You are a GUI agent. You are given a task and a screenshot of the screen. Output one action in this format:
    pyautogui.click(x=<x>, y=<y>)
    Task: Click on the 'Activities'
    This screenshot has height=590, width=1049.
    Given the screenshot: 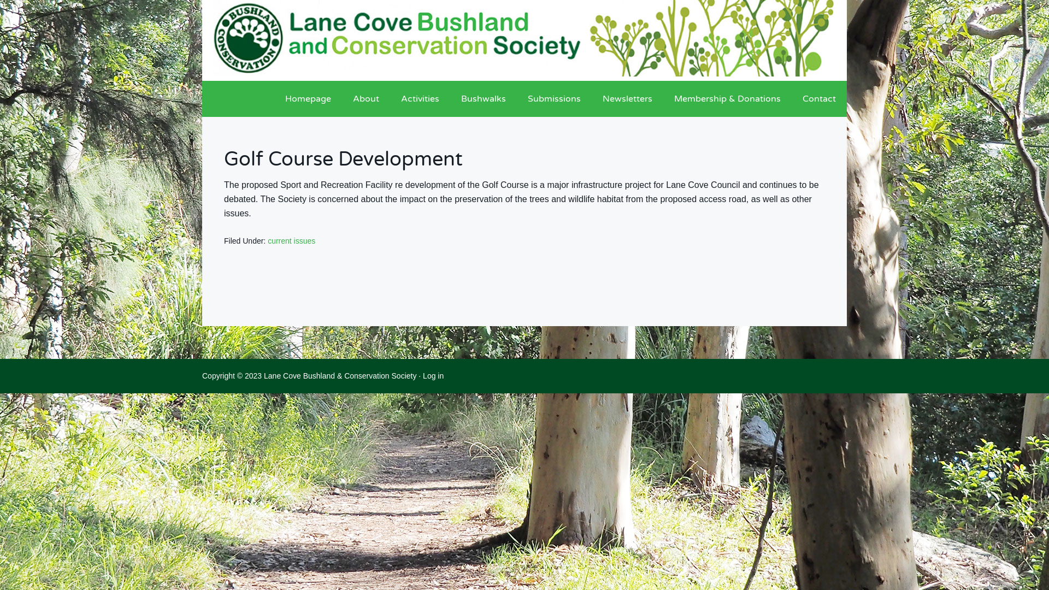 What is the action you would take?
    pyautogui.click(x=419, y=99)
    